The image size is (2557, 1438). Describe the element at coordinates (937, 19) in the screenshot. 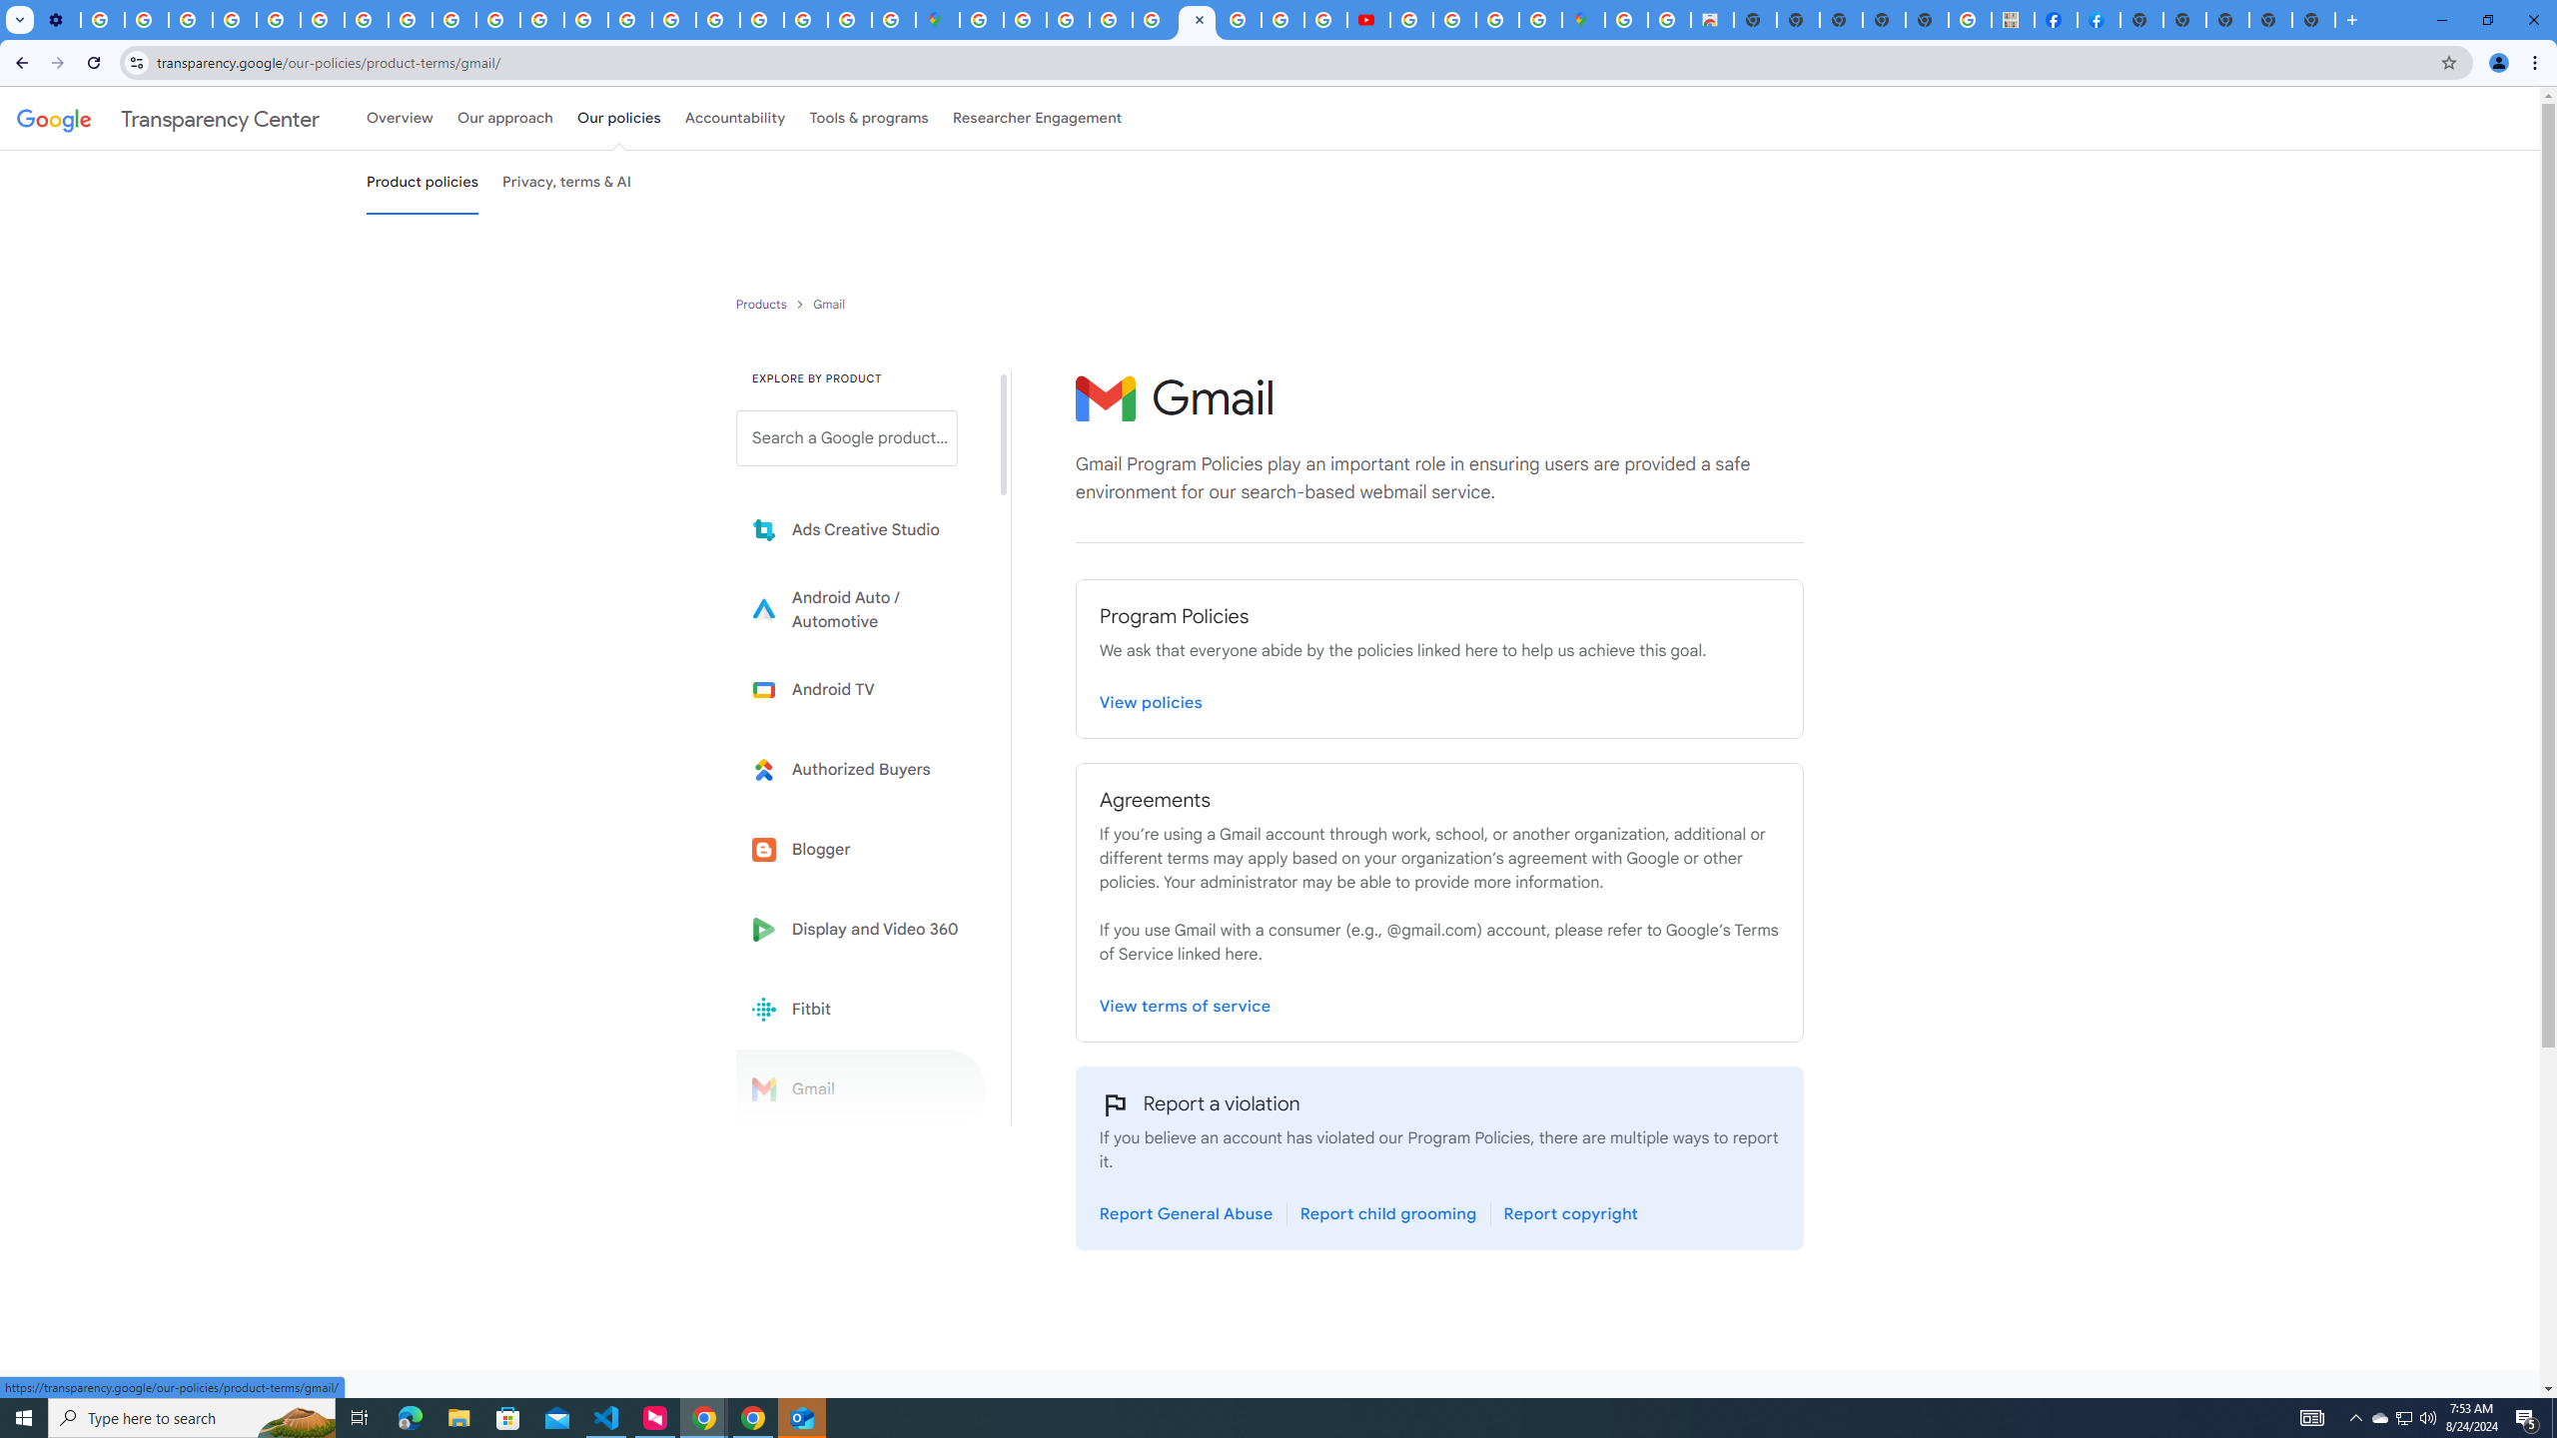

I see `'Google Maps'` at that location.